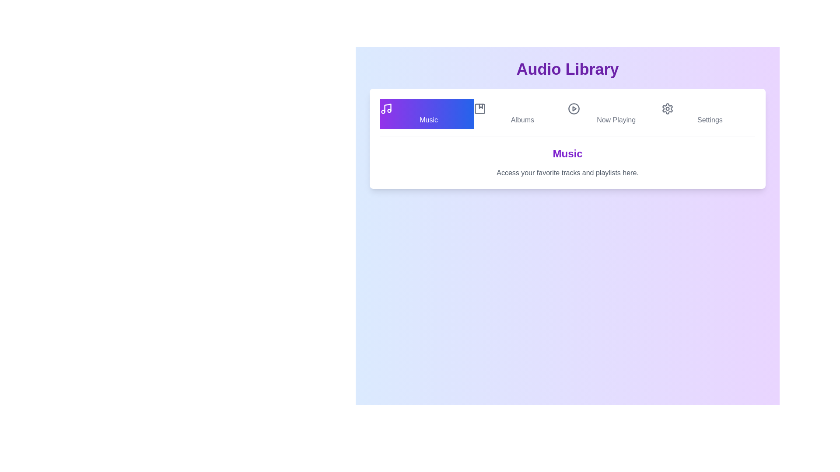 This screenshot has height=472, width=840. Describe the element at coordinates (614, 114) in the screenshot. I see `the 'Now Playing' button, which is the third item in the top navigation area` at that location.